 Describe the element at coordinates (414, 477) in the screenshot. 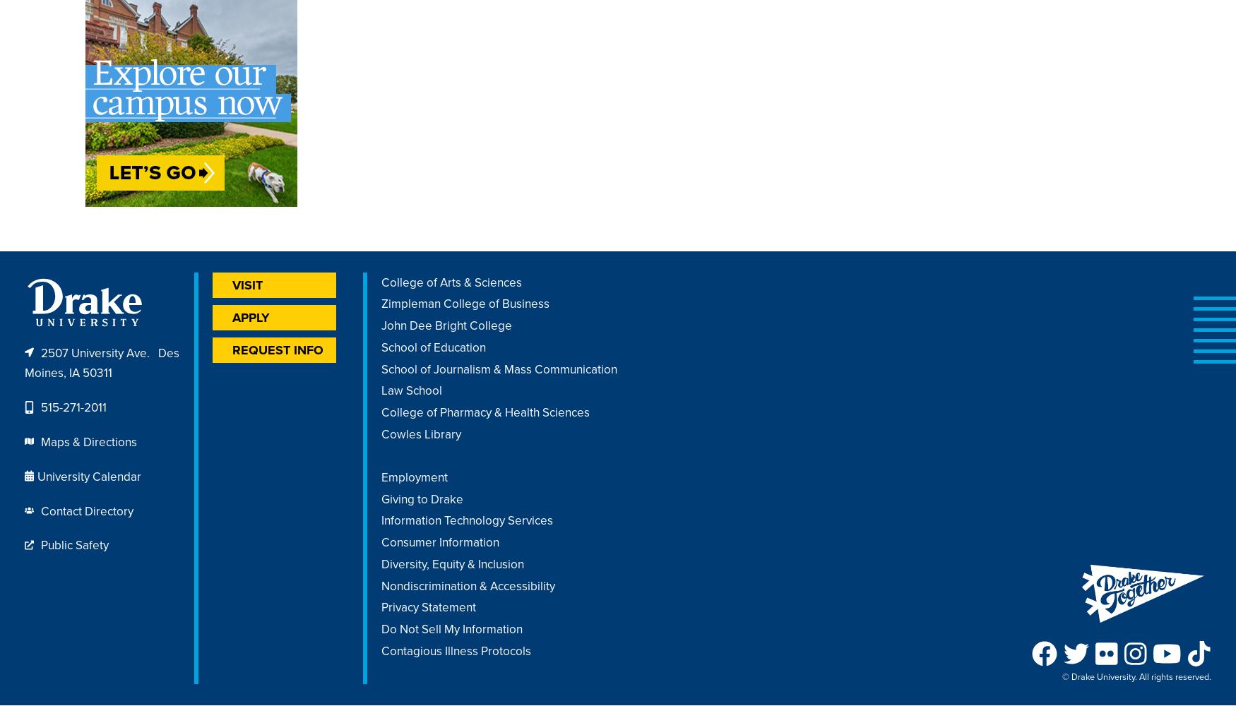

I see `'Employment'` at that location.